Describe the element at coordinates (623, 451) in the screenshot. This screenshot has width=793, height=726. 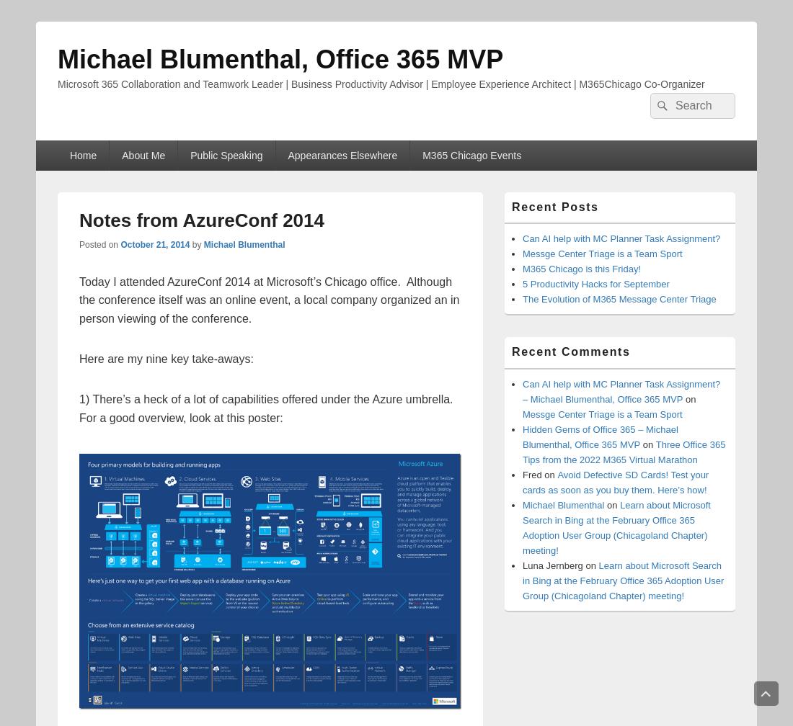
I see `'Three Office 365 Tips from the 2022 M365 Virtual Marathon'` at that location.